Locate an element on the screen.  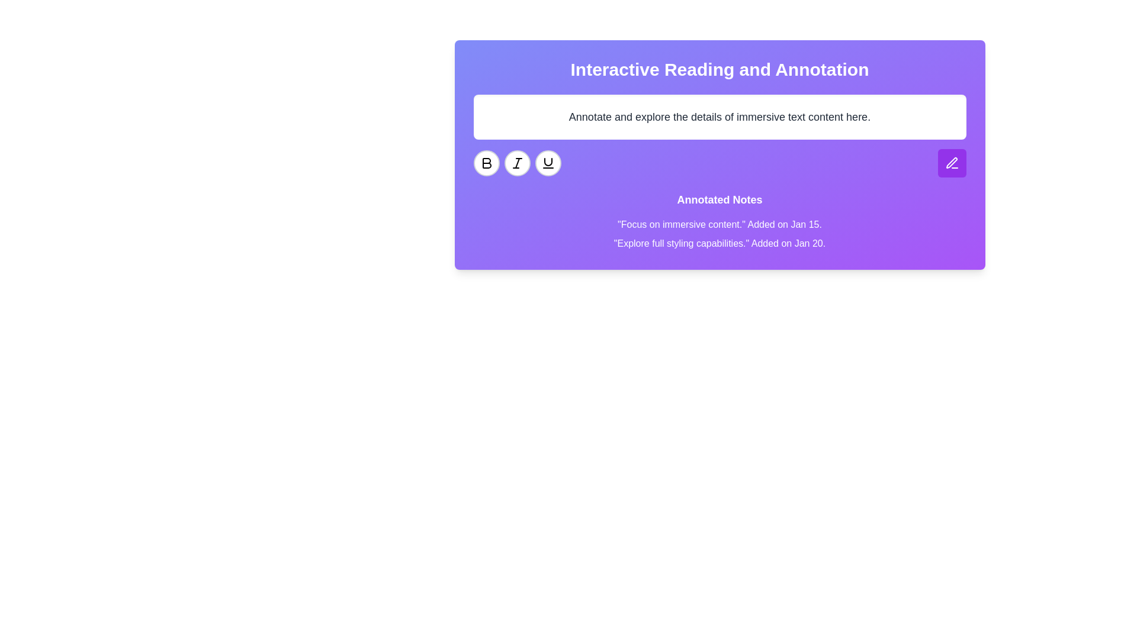
the farthest right button in the horizontal row, positioned next to the italicized 'I' is located at coordinates (547, 163).